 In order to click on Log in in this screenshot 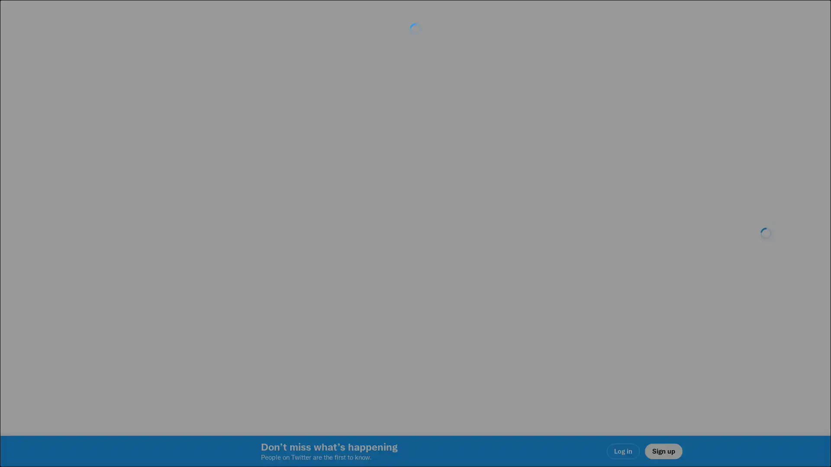, I will do `click(519, 294)`.